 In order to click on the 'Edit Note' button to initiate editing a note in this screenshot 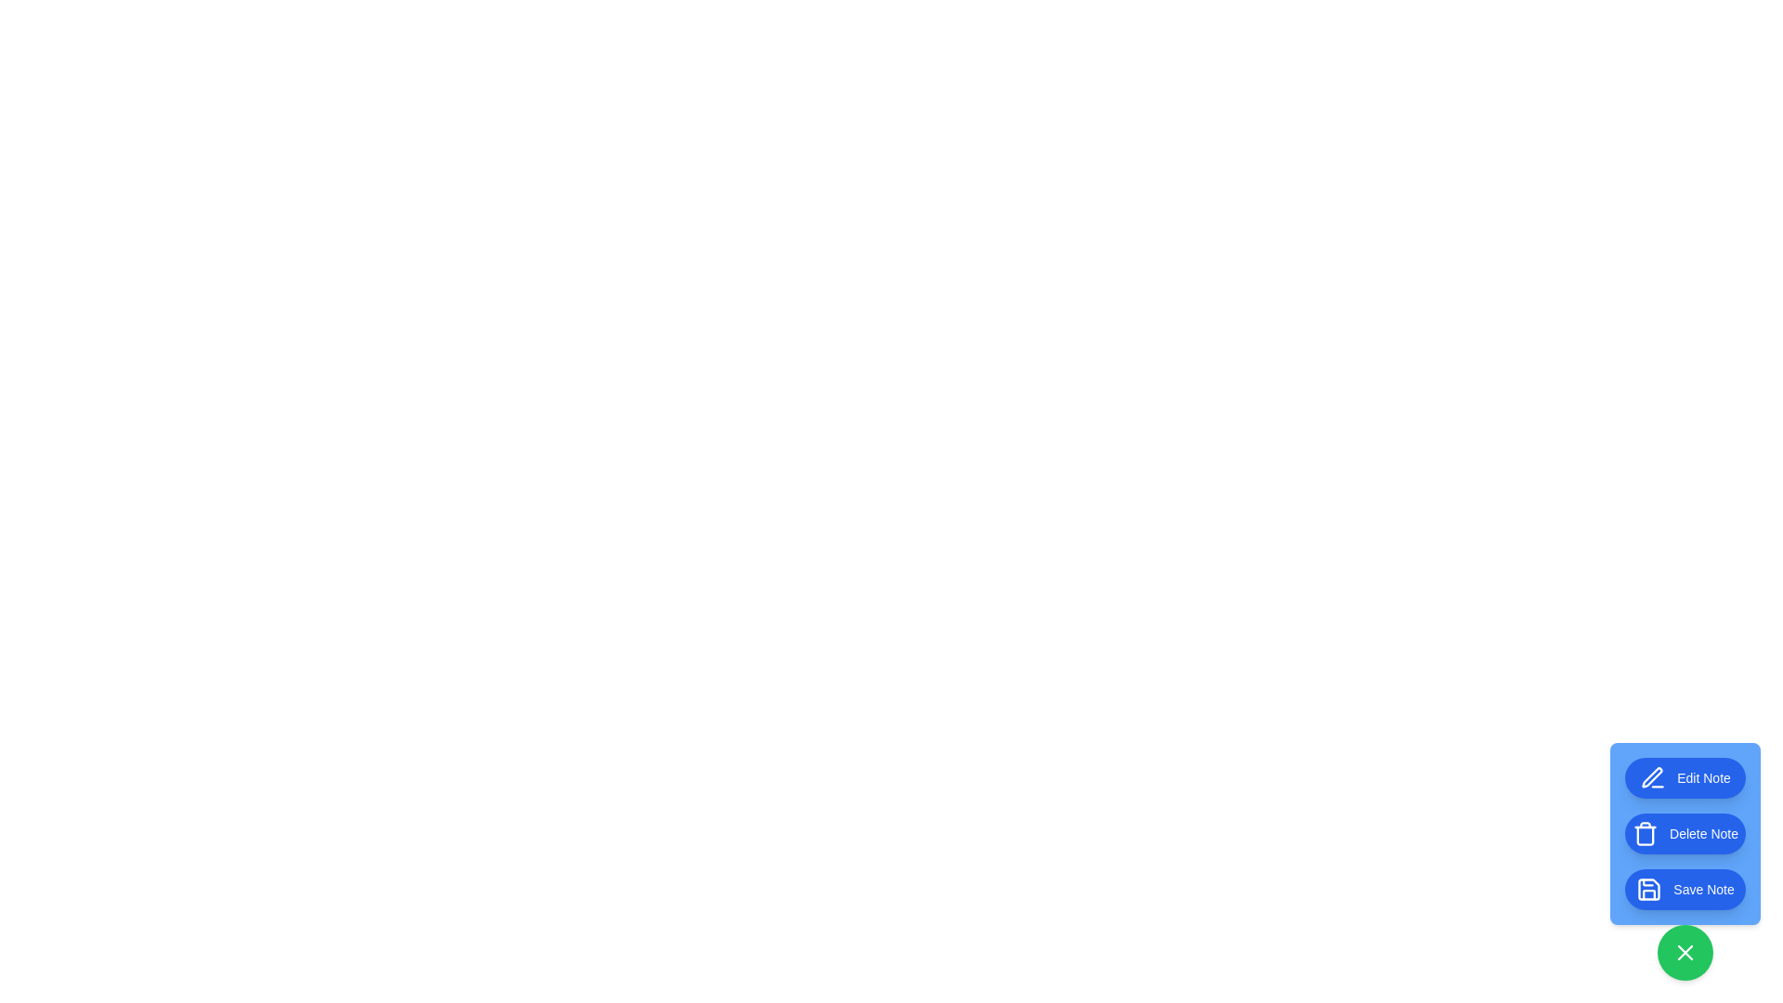, I will do `click(1685, 777)`.